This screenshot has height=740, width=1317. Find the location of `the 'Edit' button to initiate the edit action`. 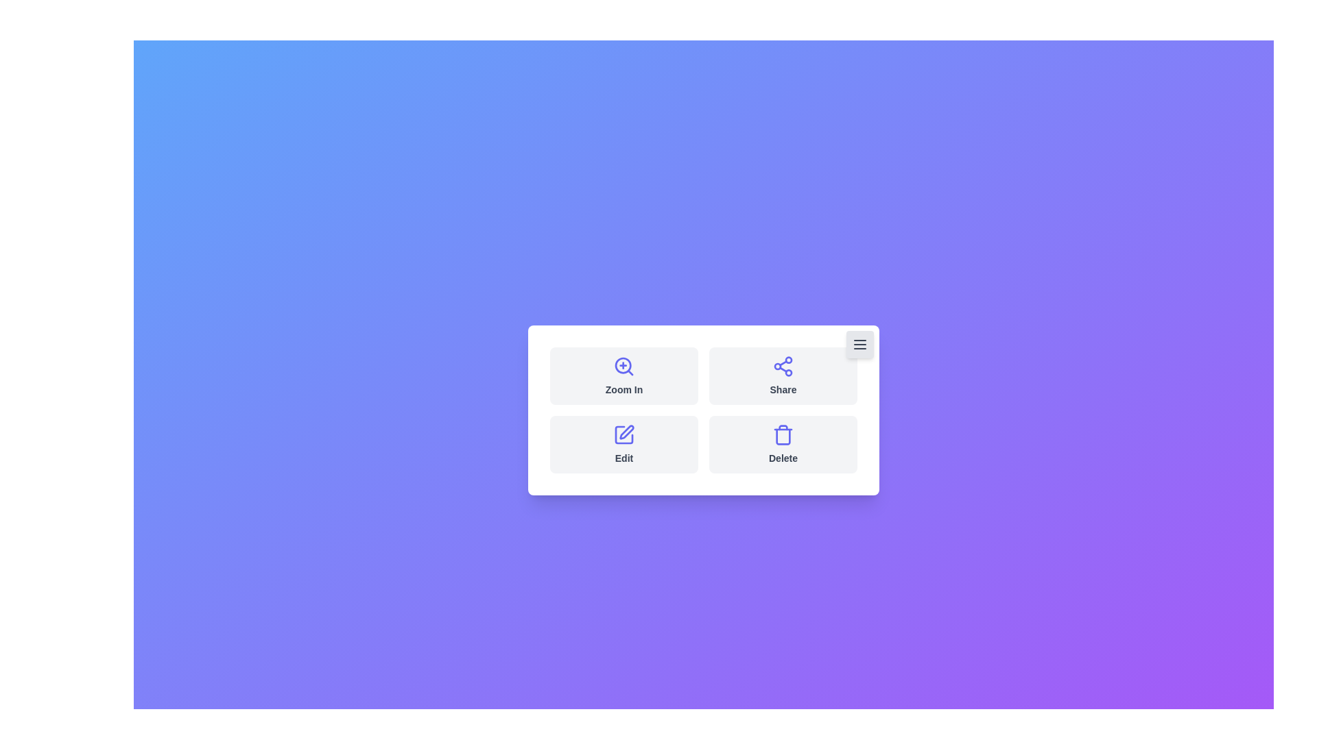

the 'Edit' button to initiate the edit action is located at coordinates (624, 444).